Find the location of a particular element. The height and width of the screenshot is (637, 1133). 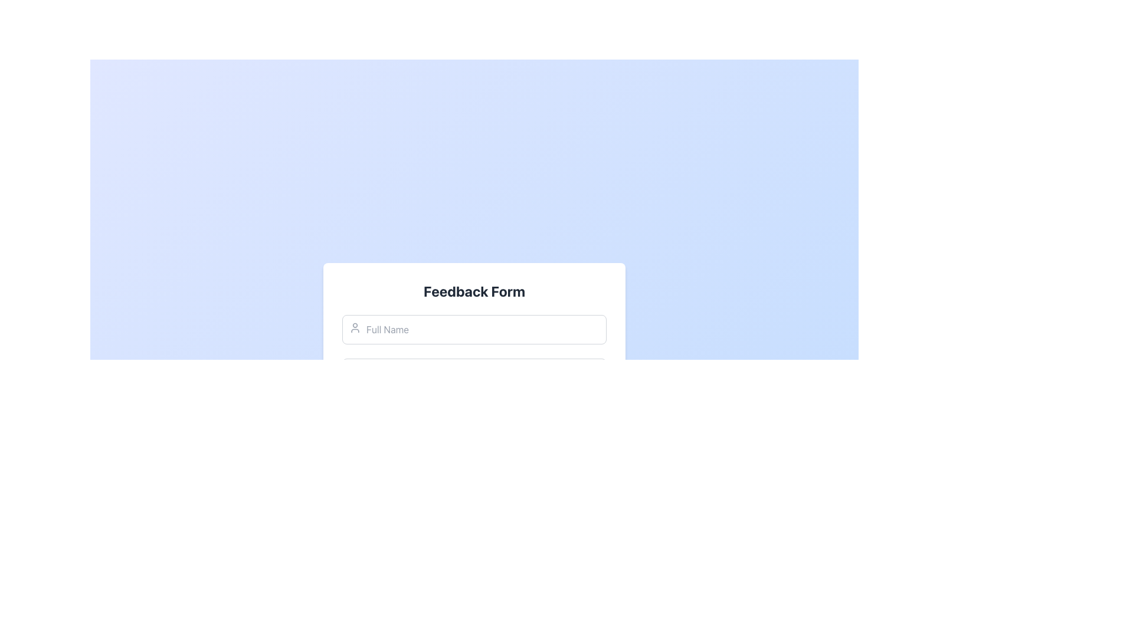

the 'Feedback Form' text which is displayed in bold at the top-center of the feedback form interface is located at coordinates (474, 291).